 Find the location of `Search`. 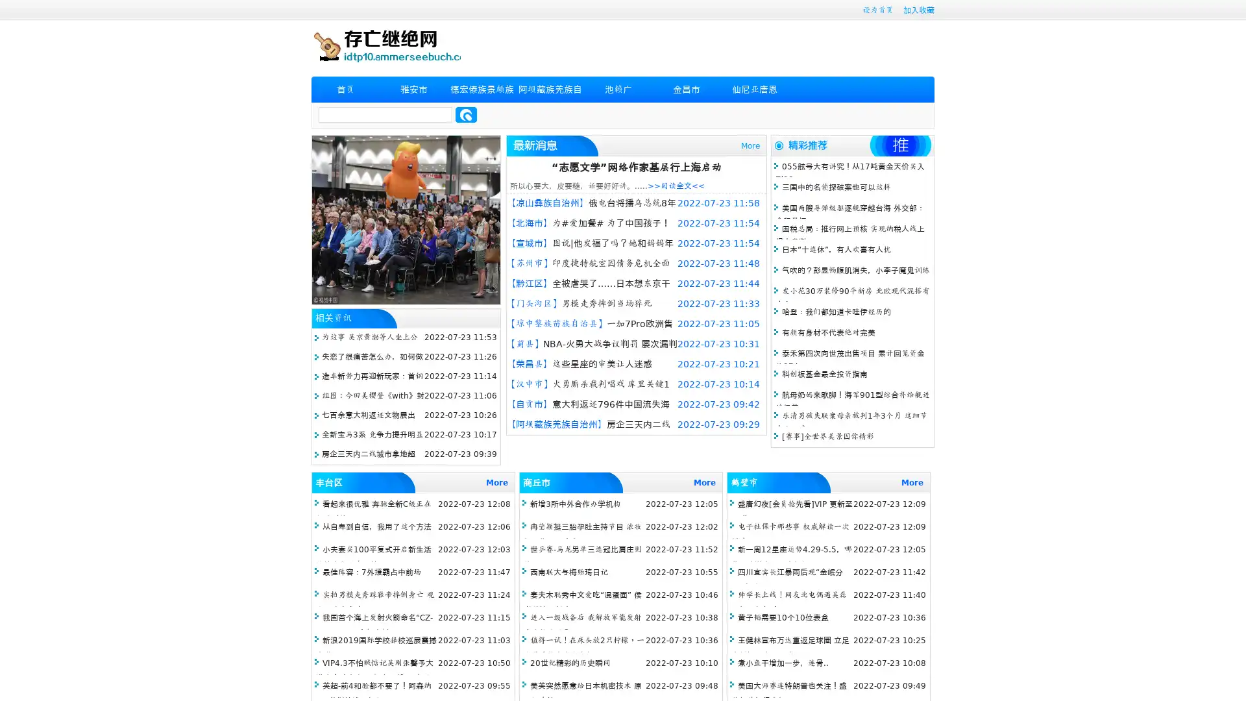

Search is located at coordinates (466, 114).